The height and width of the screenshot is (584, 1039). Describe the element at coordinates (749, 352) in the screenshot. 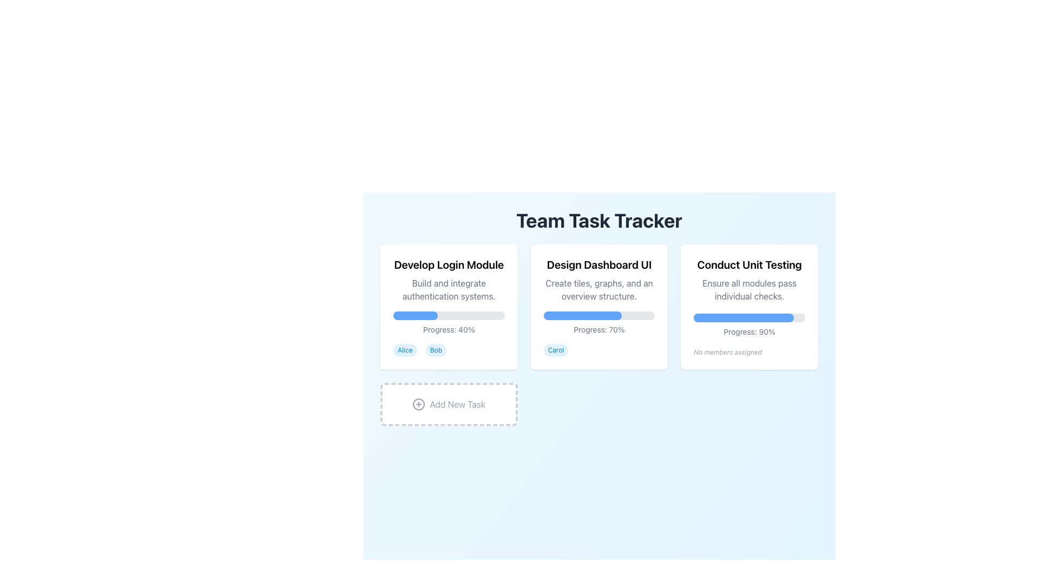

I see `the text label displaying 'No members assigned', which is located at the bottom of the 'Conduct Unit Testing' card, aligned with the left margin` at that location.